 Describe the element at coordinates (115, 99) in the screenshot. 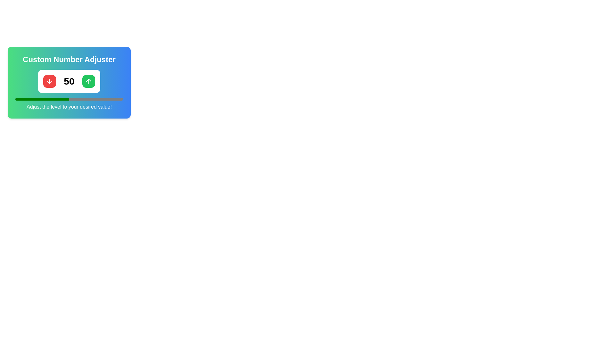

I see `the slider value` at that location.